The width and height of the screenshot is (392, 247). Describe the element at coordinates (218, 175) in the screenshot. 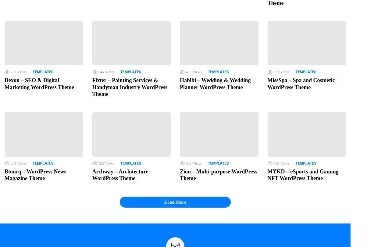

I see `'Zion – Multi-purpose WordPress Theme'` at that location.